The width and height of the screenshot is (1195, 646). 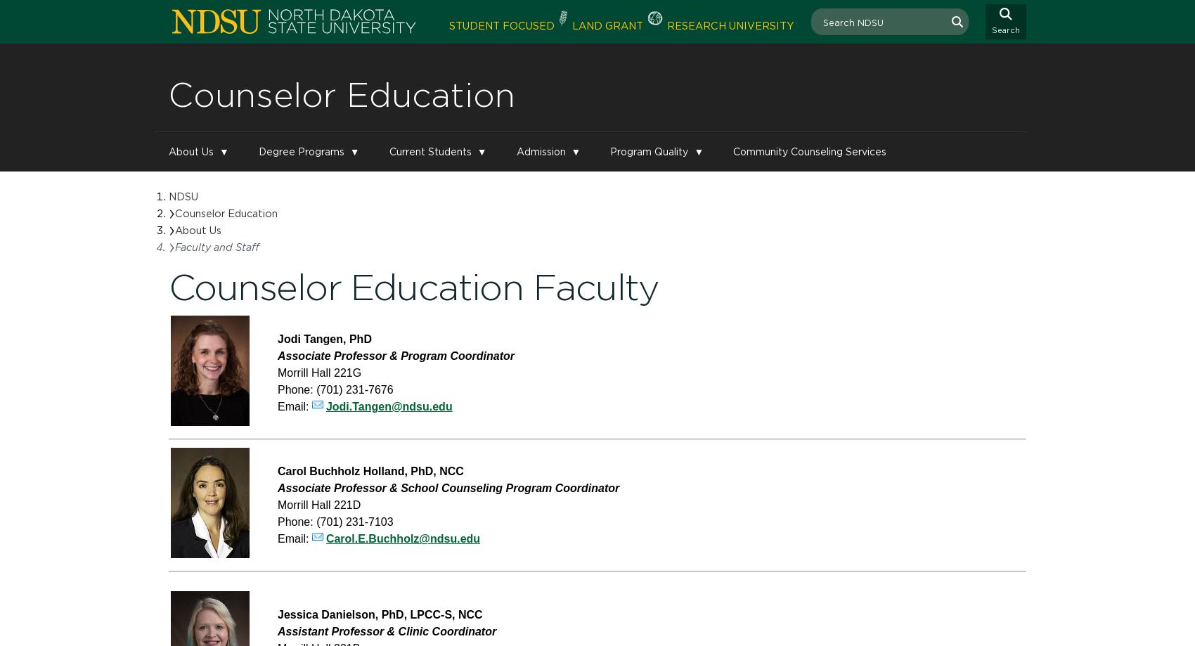 What do you see at coordinates (277, 338) in the screenshot?
I see `'Jodi Tangen, PhD'` at bounding box center [277, 338].